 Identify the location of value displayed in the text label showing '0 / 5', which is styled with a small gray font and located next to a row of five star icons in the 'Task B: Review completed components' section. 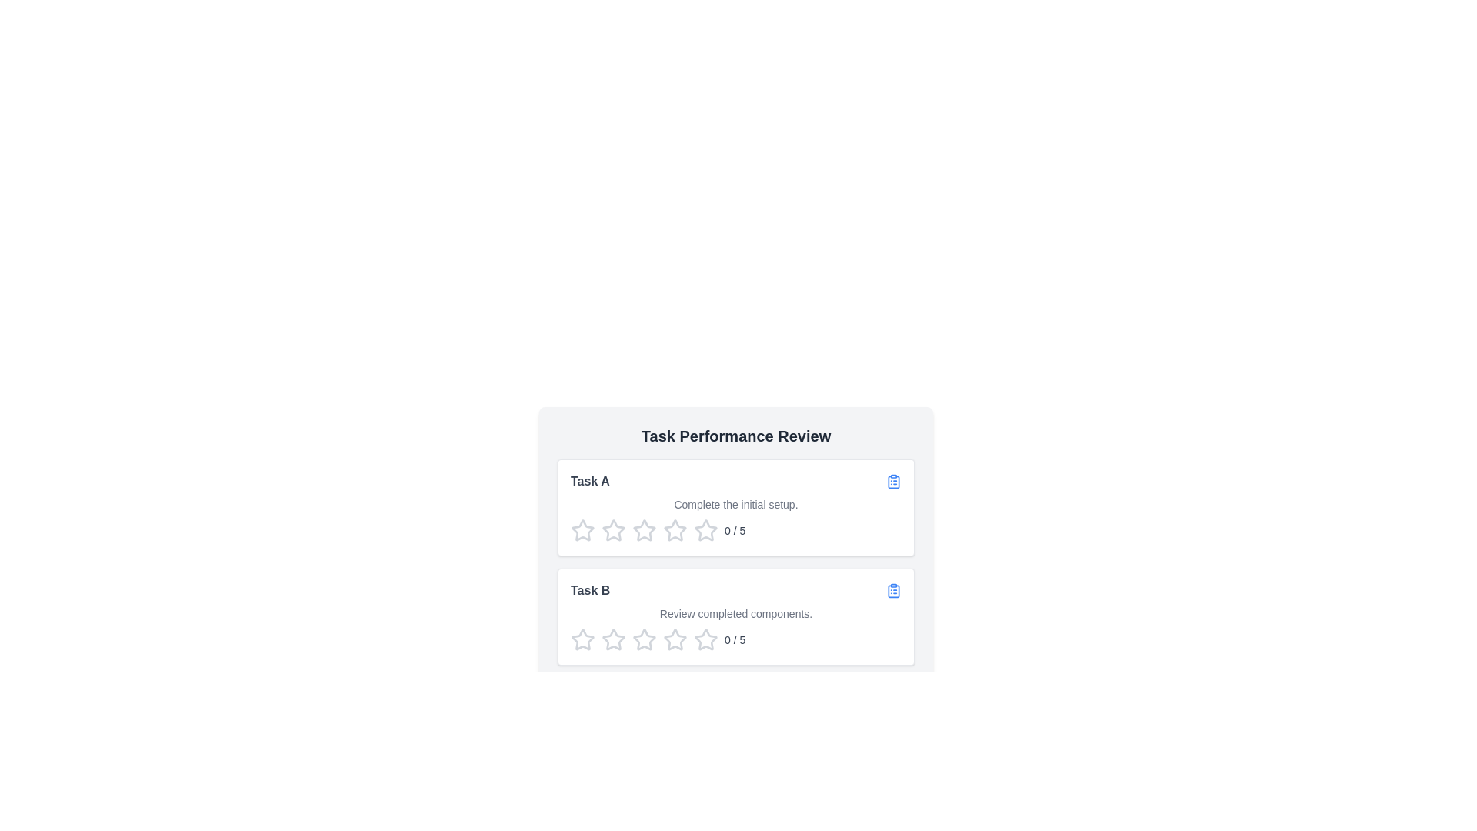
(735, 640).